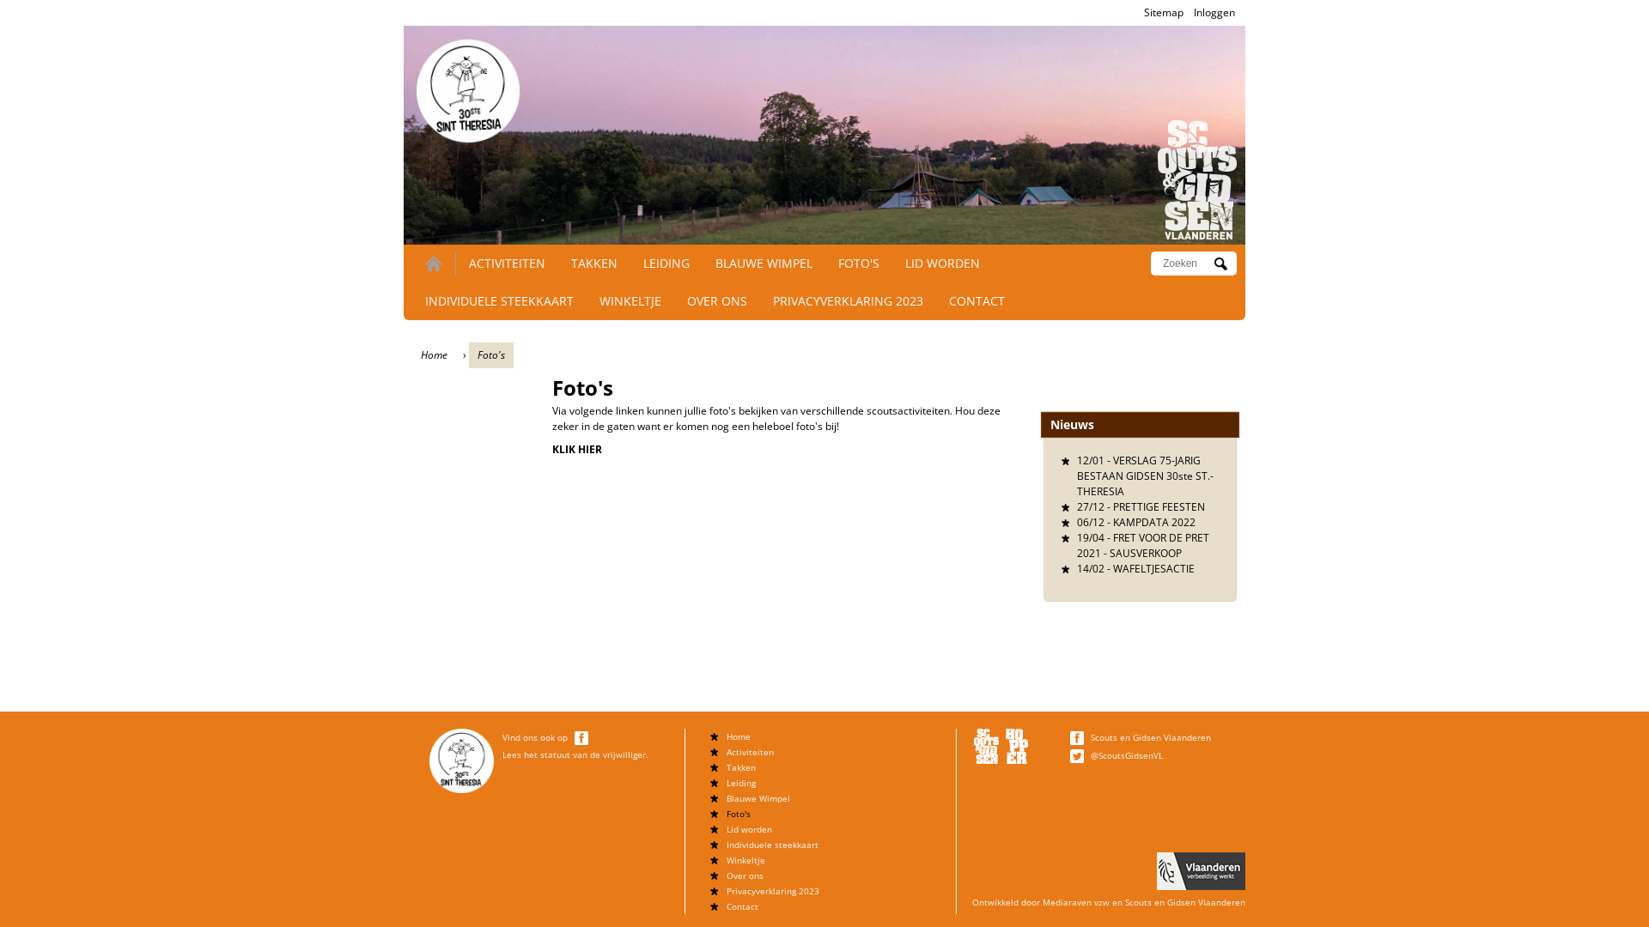  I want to click on 'Facebook', so click(581, 737).